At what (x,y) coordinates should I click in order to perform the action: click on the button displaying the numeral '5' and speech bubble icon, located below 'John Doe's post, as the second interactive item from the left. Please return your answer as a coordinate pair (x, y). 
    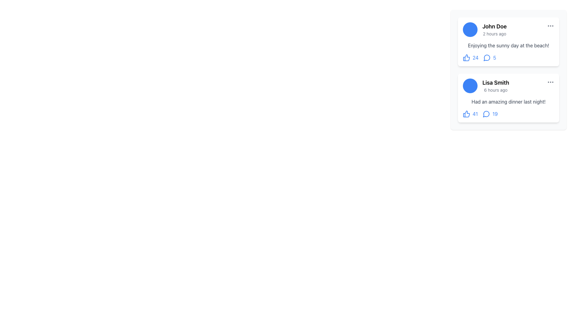
    Looking at the image, I should click on (489, 58).